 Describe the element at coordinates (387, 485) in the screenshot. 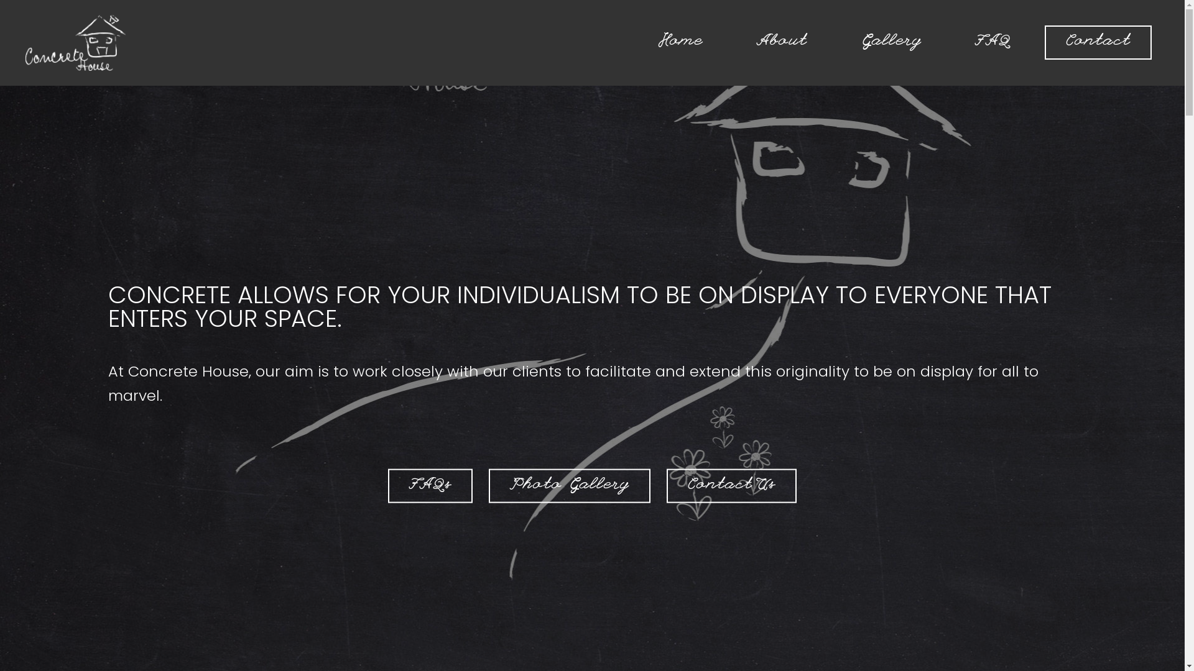

I see `'FAQs'` at that location.